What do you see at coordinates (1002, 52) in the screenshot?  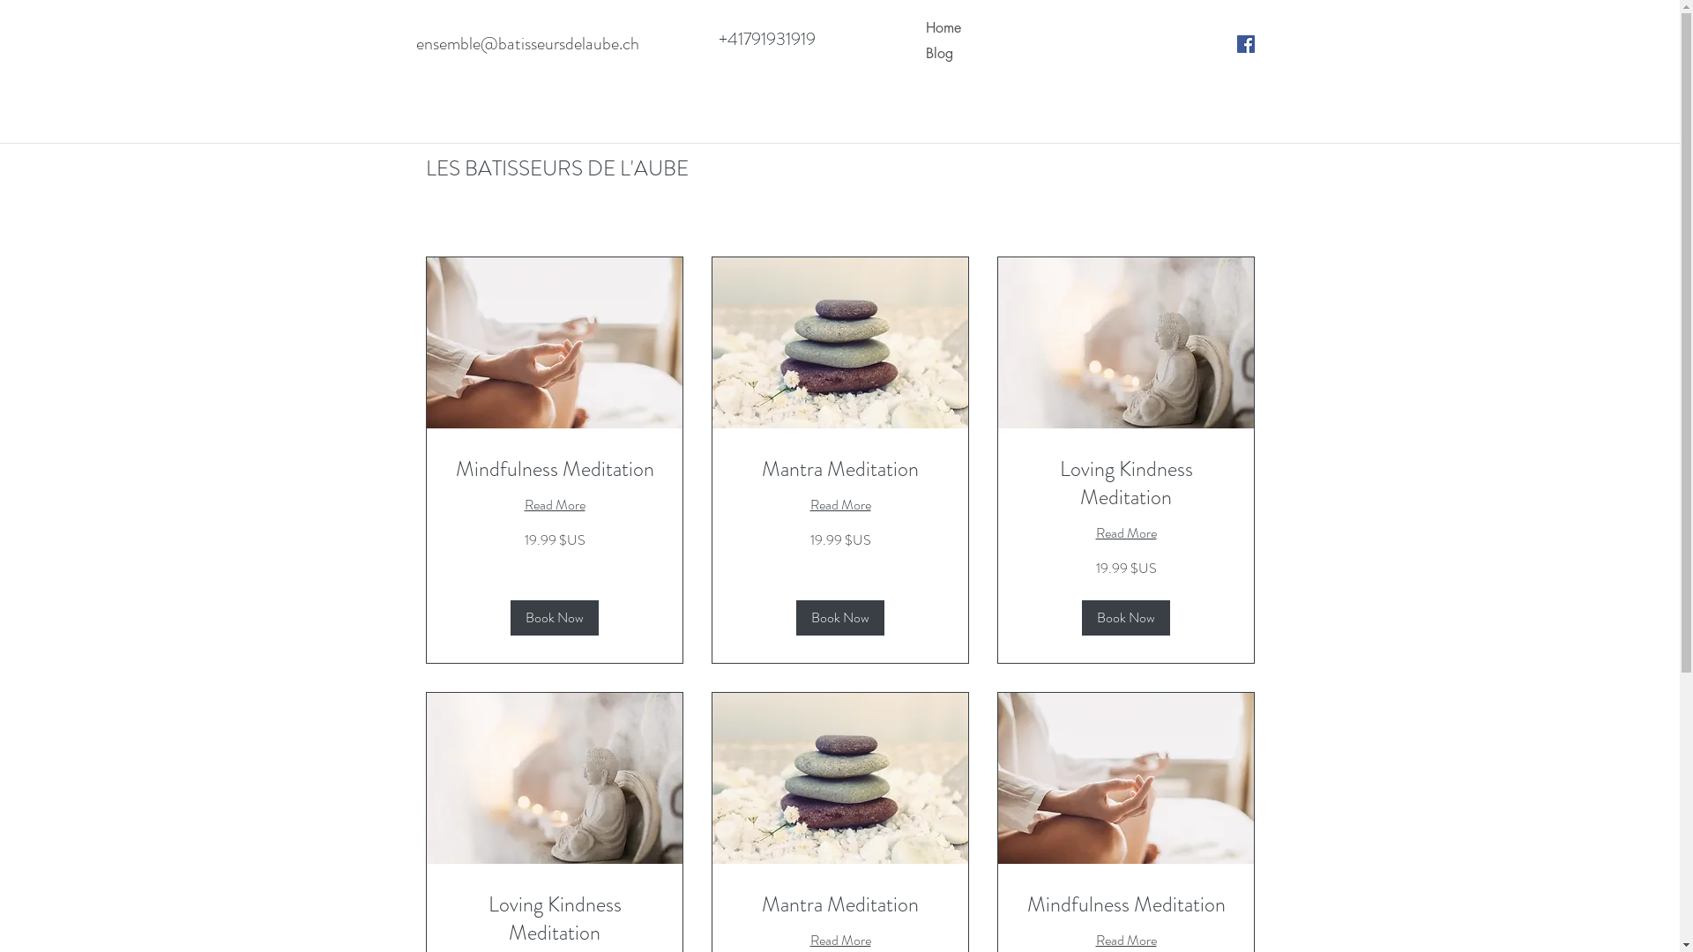 I see `'Blog'` at bounding box center [1002, 52].